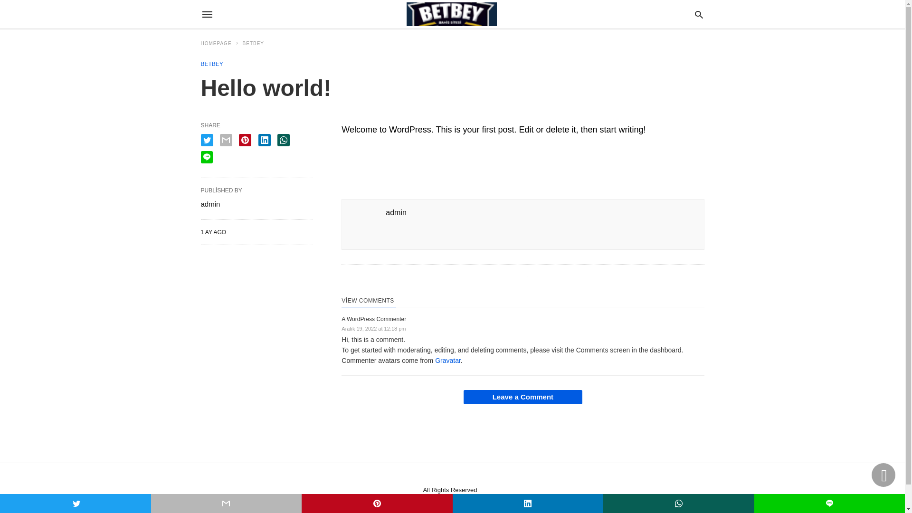  What do you see at coordinates (219, 43) in the screenshot?
I see `'HOMEPAGE'` at bounding box center [219, 43].